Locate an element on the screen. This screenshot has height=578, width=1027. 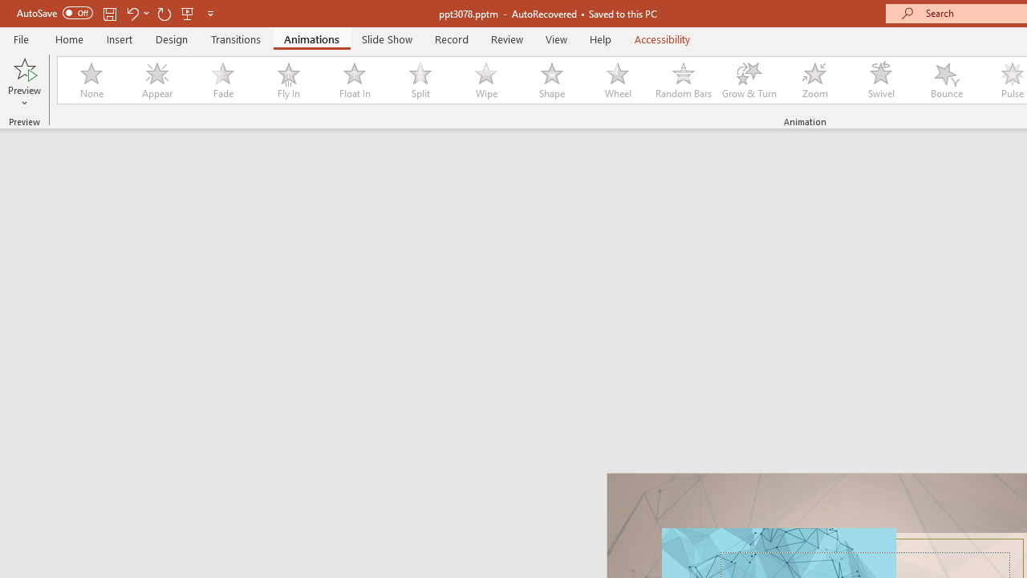
'Fly In' is located at coordinates (288, 80).